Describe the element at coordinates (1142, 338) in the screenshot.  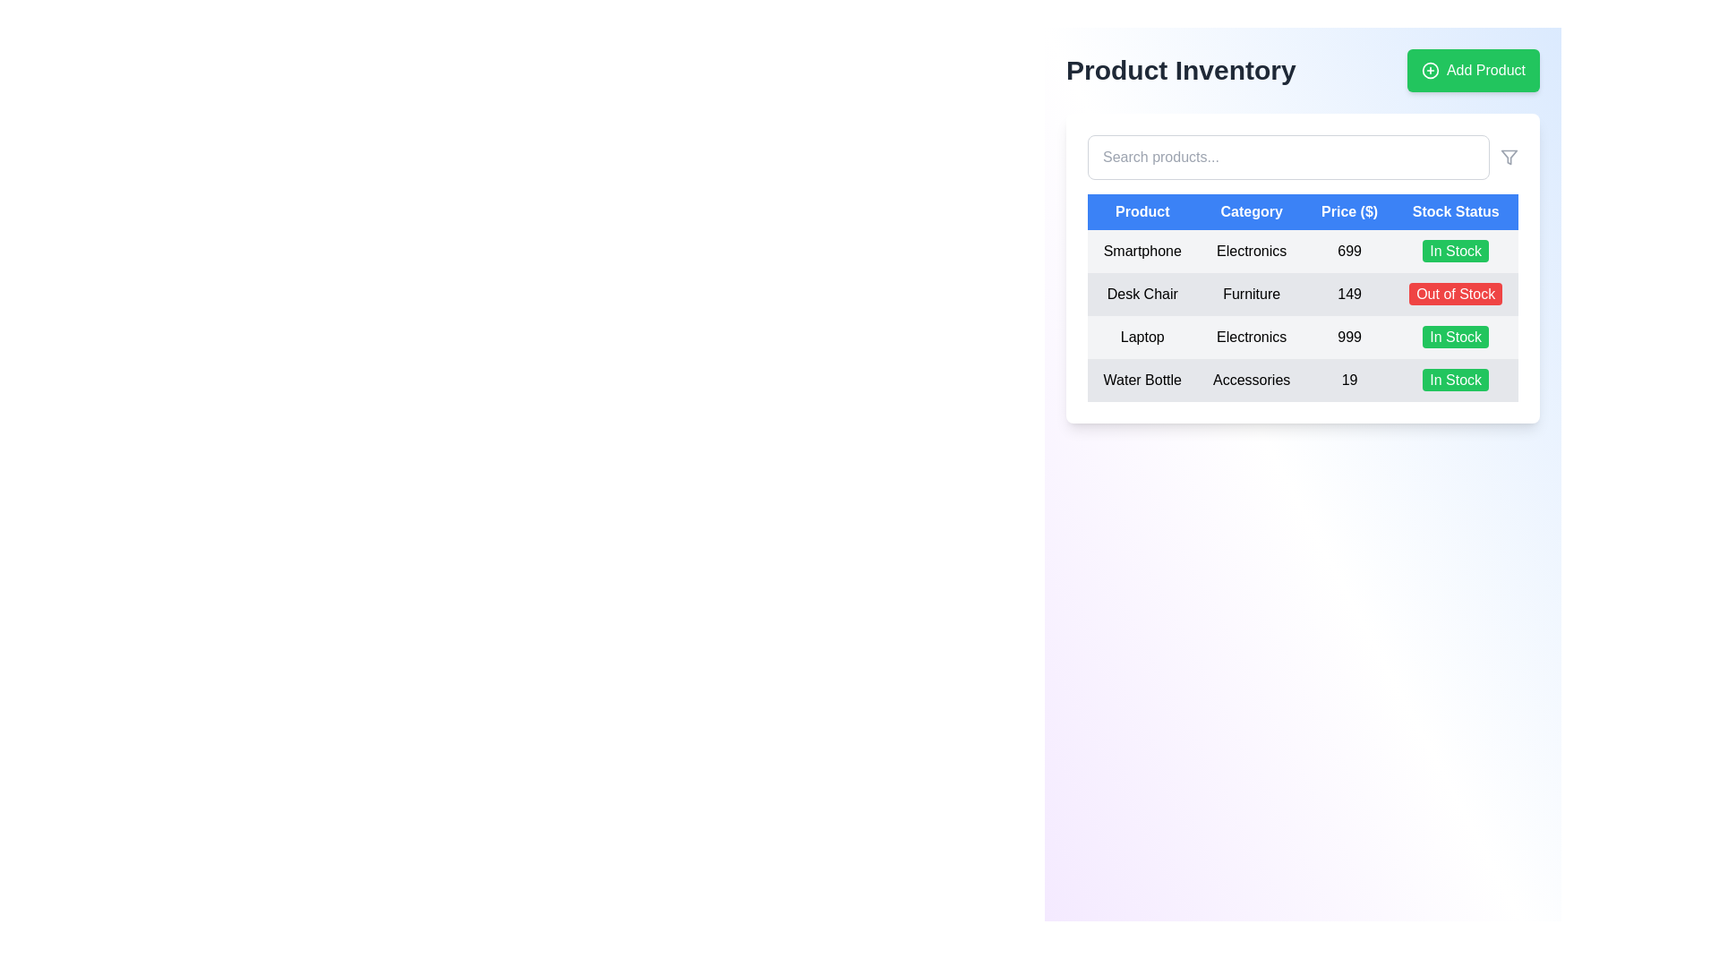
I see `the static text field that identifies the product type in the product inventory system, located in the 'Product' column of the third data row` at that location.